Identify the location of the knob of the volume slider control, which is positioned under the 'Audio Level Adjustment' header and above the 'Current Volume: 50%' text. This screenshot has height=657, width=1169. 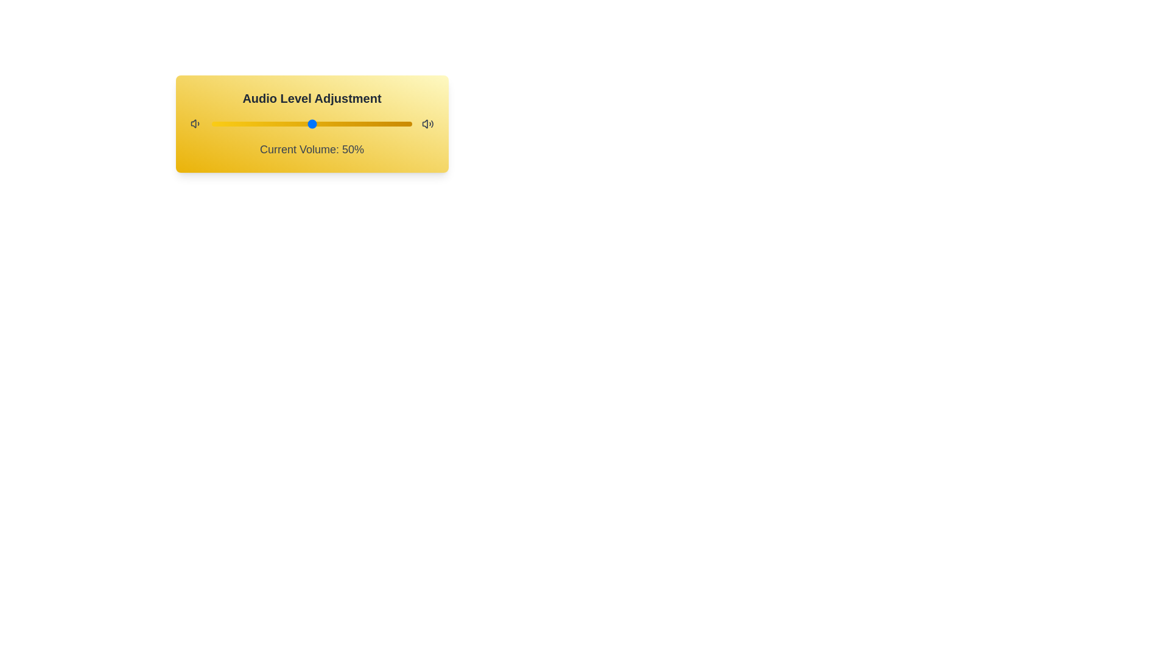
(312, 124).